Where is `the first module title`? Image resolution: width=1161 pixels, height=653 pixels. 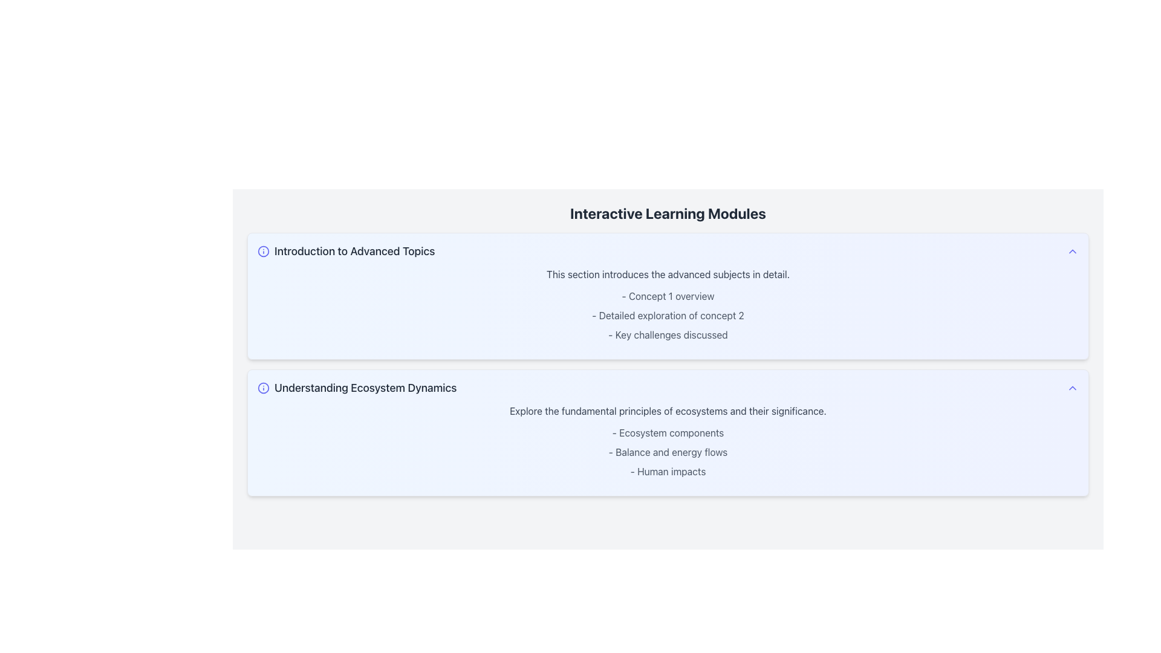 the first module title is located at coordinates (345, 251).